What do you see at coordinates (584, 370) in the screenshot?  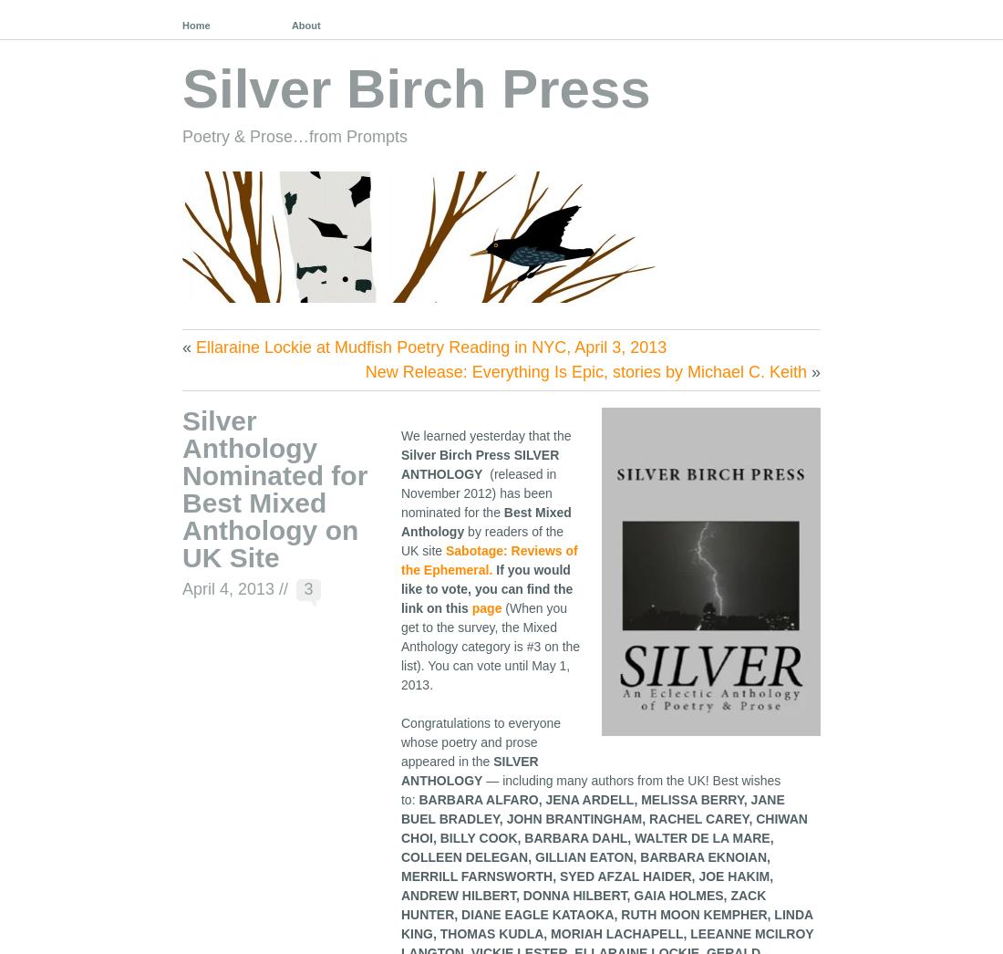 I see `'New Release: Everything Is Epic, stories by Michael C. Keith'` at bounding box center [584, 370].